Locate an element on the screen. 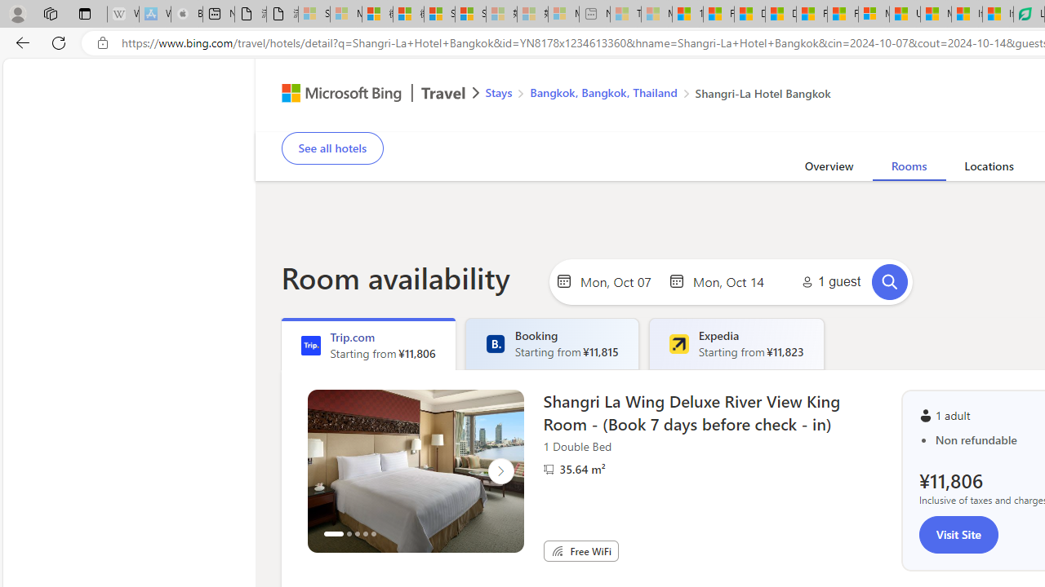 This screenshot has width=1045, height=587. 'Buy iPad - Apple - Sleeping' is located at coordinates (187, 14).